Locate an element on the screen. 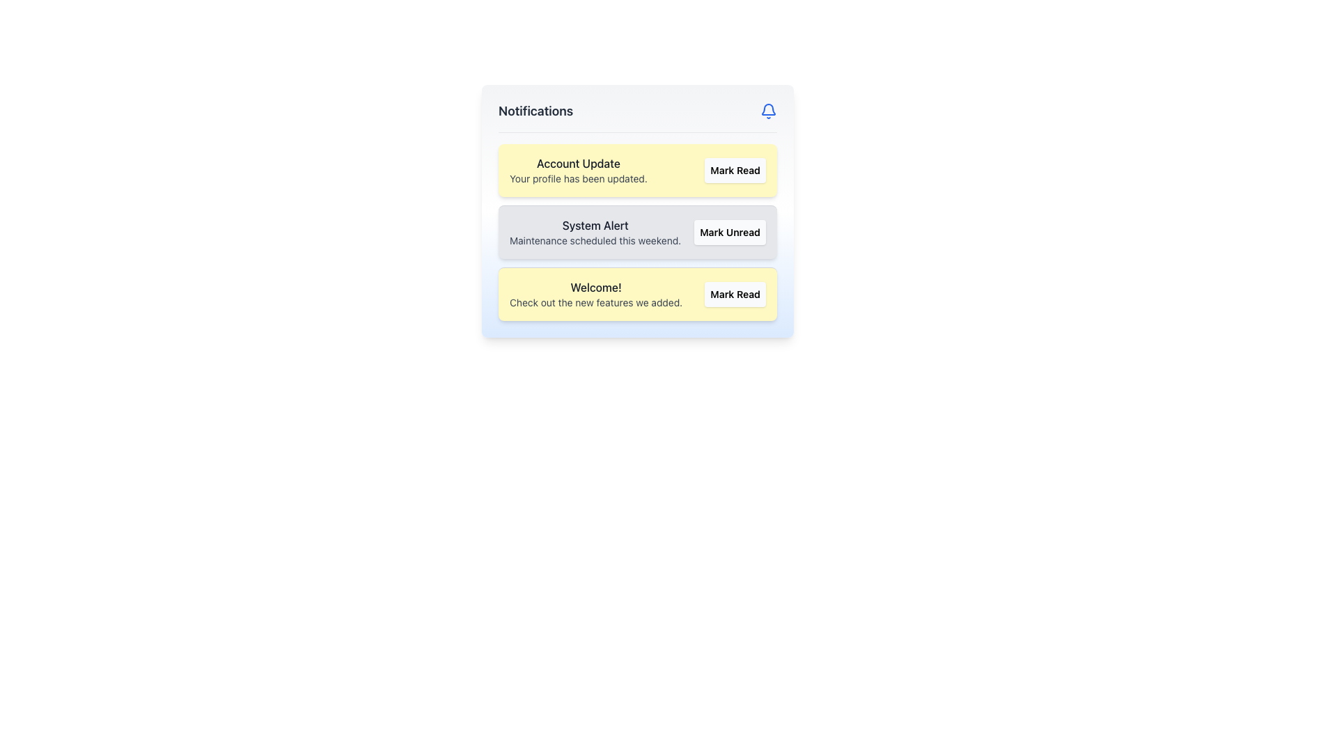  static text block that provides supplementary information or updates, located directly under the 'Welcome!' text in the third notification card from the top is located at coordinates (596, 302).